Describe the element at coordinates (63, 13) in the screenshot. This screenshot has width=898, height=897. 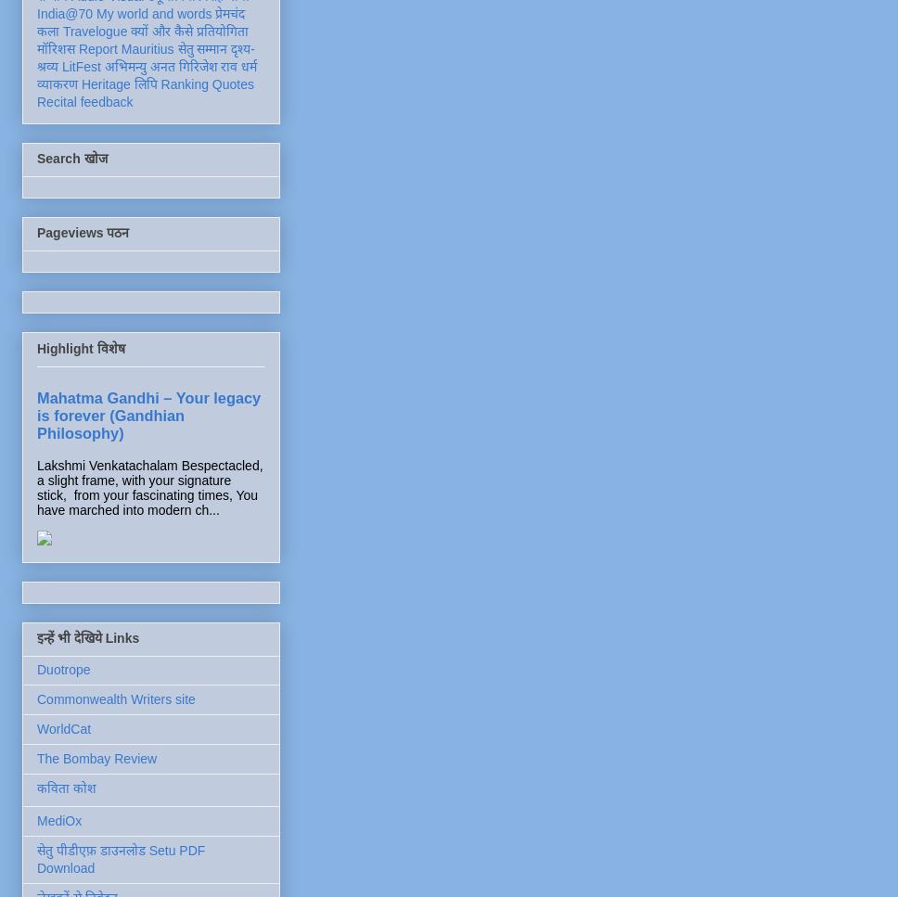
I see `'India@70'` at that location.